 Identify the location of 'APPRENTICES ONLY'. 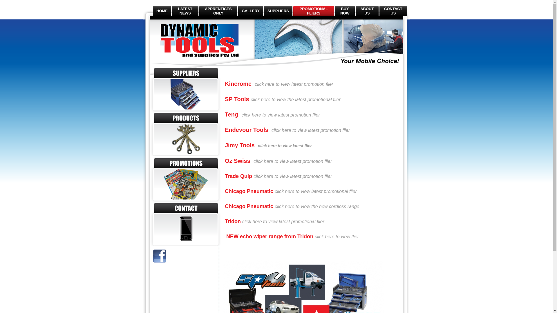
(218, 11).